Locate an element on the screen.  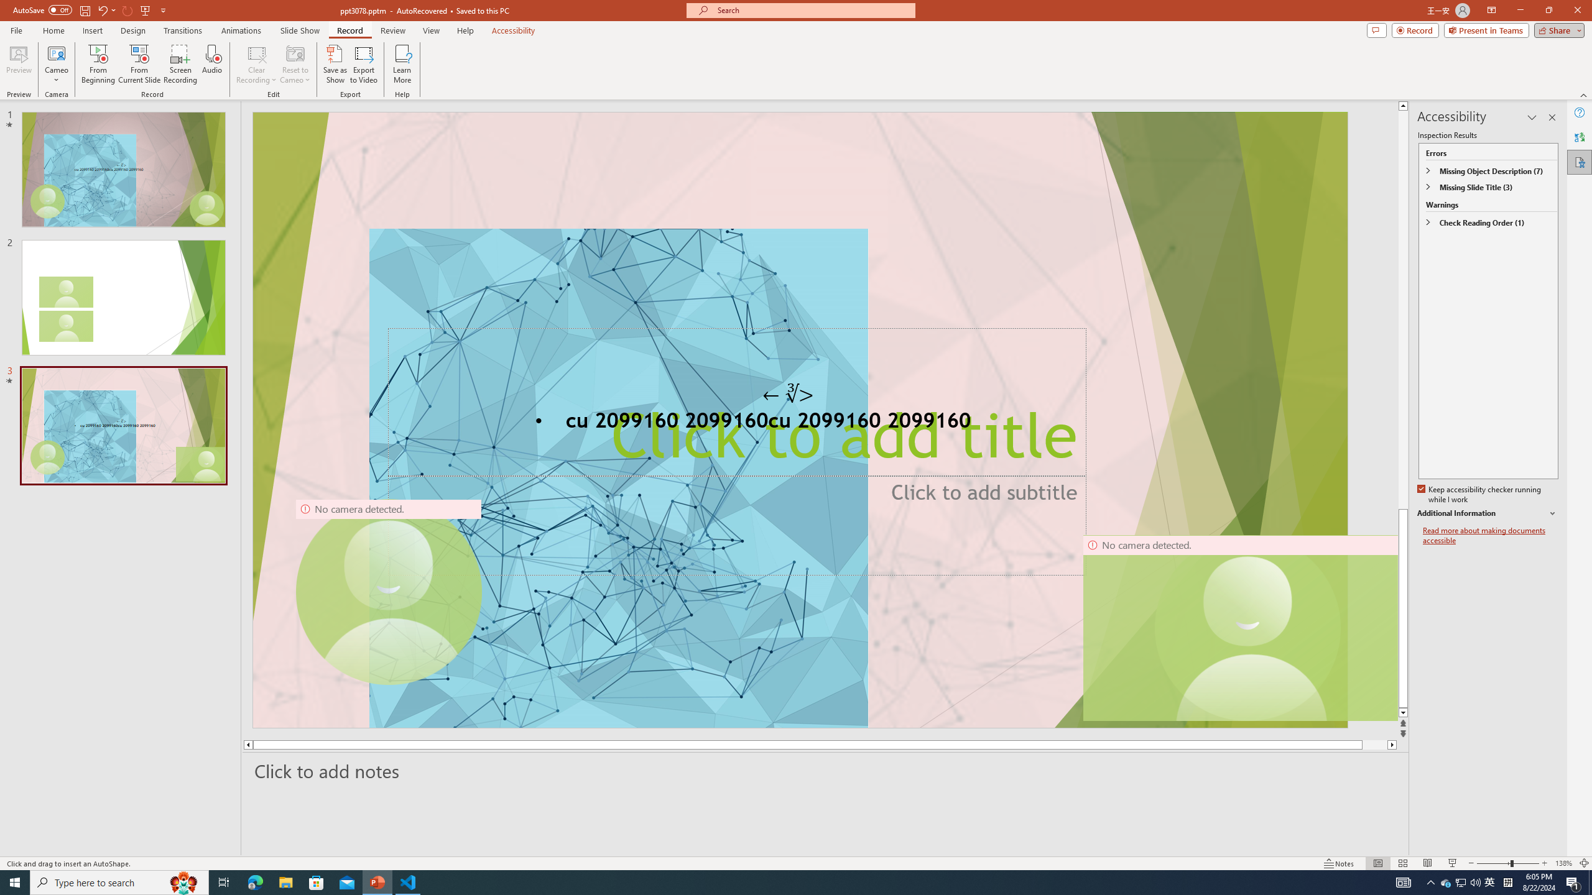
'Reset to Cameo' is located at coordinates (294, 64).